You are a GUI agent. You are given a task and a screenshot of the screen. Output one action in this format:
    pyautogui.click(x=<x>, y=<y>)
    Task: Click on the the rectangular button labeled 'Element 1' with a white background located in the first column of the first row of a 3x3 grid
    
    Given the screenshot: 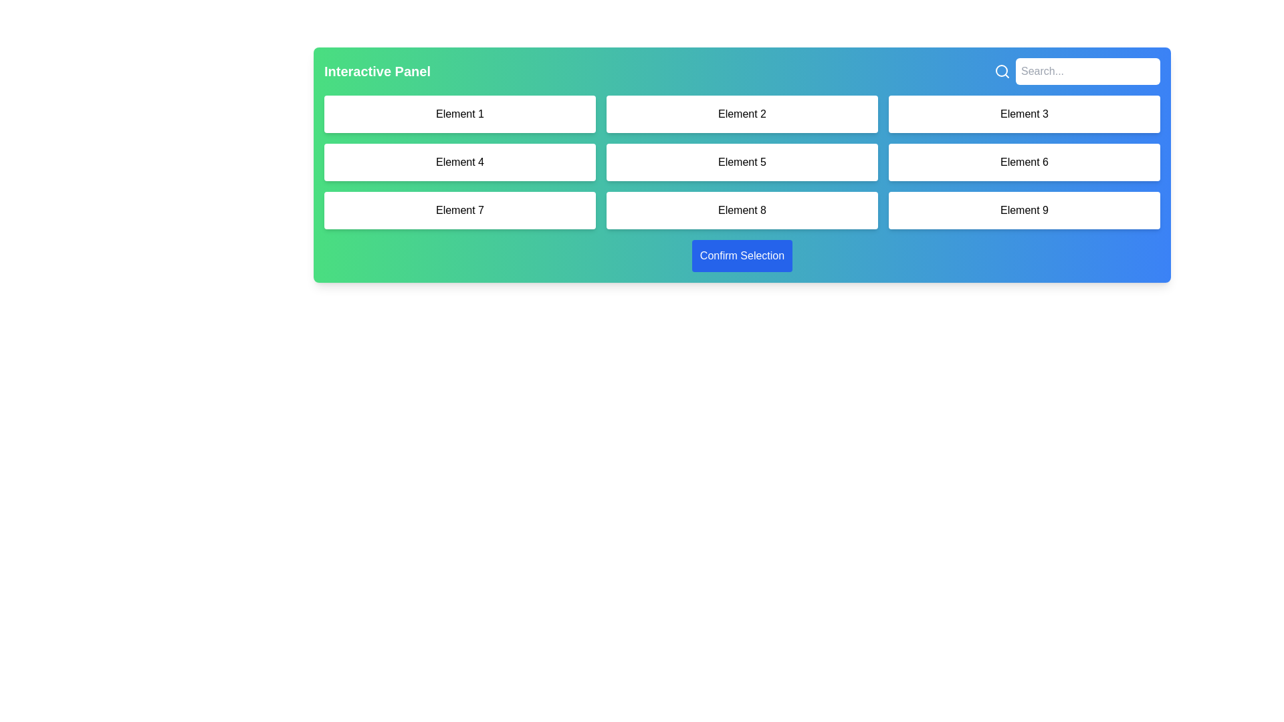 What is the action you would take?
    pyautogui.click(x=459, y=113)
    